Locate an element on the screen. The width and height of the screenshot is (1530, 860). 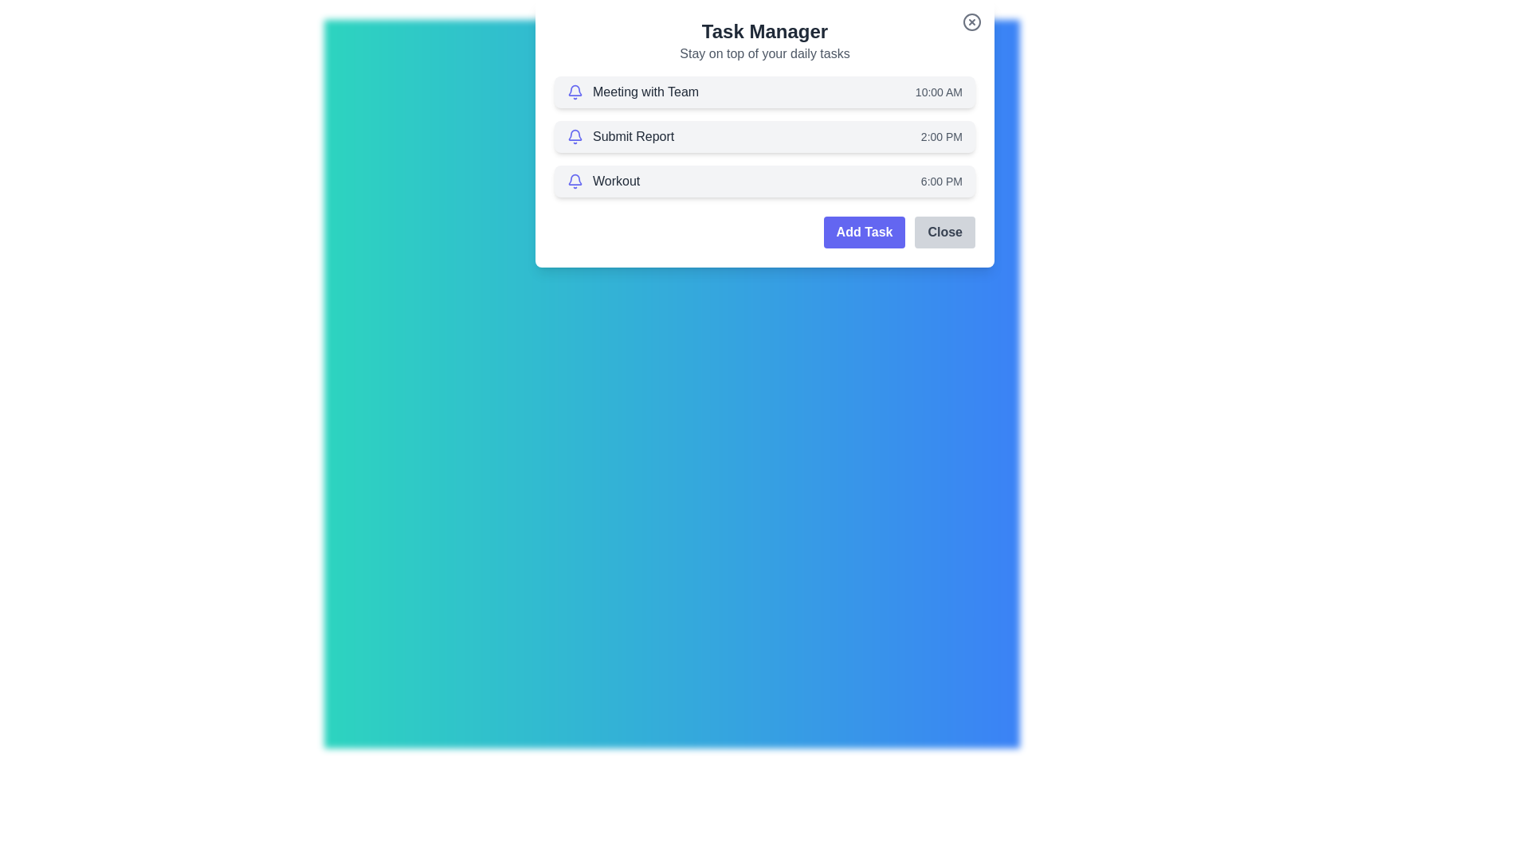
text label that serves as the title 'Task Manager' located at the top center of the task management interface, above the text 'Stay on top of your daily tasks' is located at coordinates (765, 31).